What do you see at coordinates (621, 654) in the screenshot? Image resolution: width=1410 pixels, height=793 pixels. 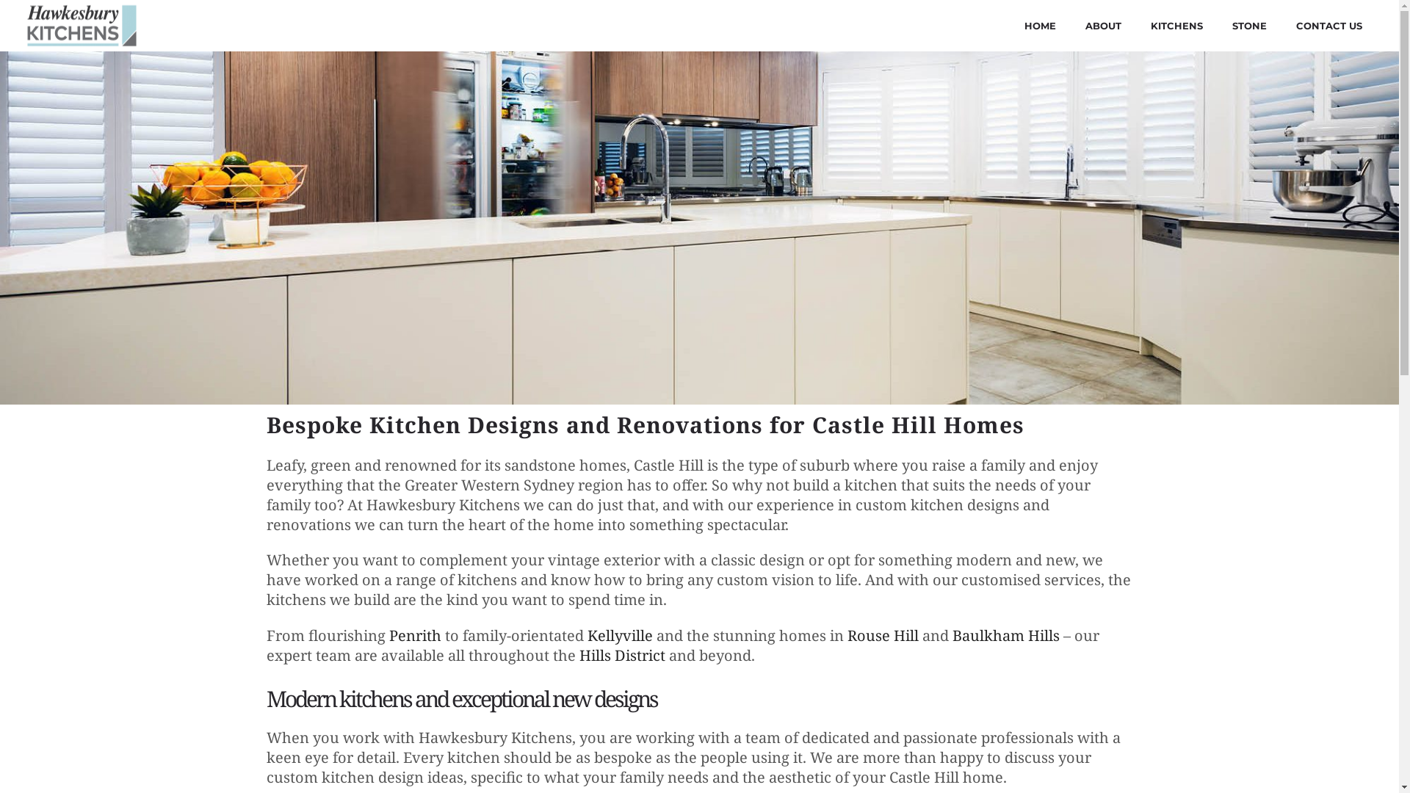 I see `'Hills District'` at bounding box center [621, 654].